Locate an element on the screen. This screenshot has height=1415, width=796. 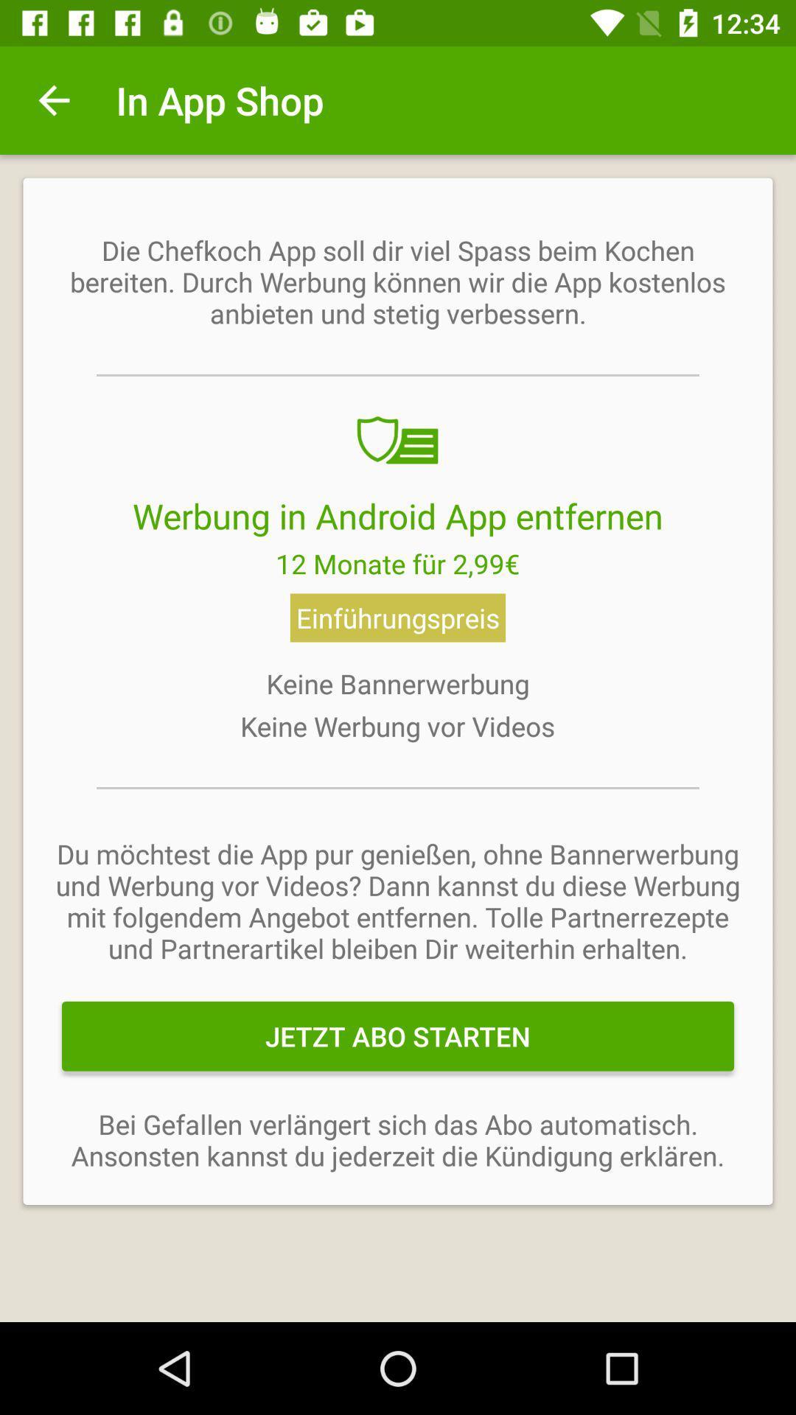
jetzt abo starten is located at coordinates (398, 1035).